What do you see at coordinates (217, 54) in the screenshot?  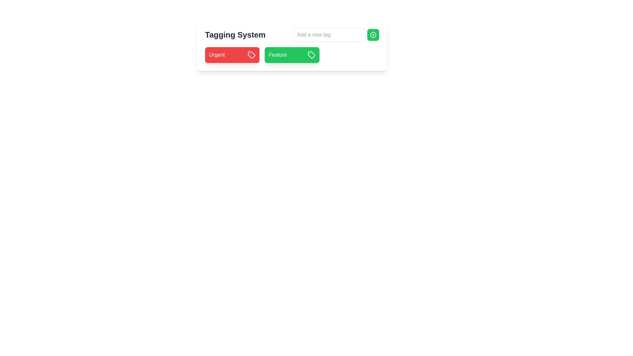 I see `the tag labeled Urgent` at bounding box center [217, 54].